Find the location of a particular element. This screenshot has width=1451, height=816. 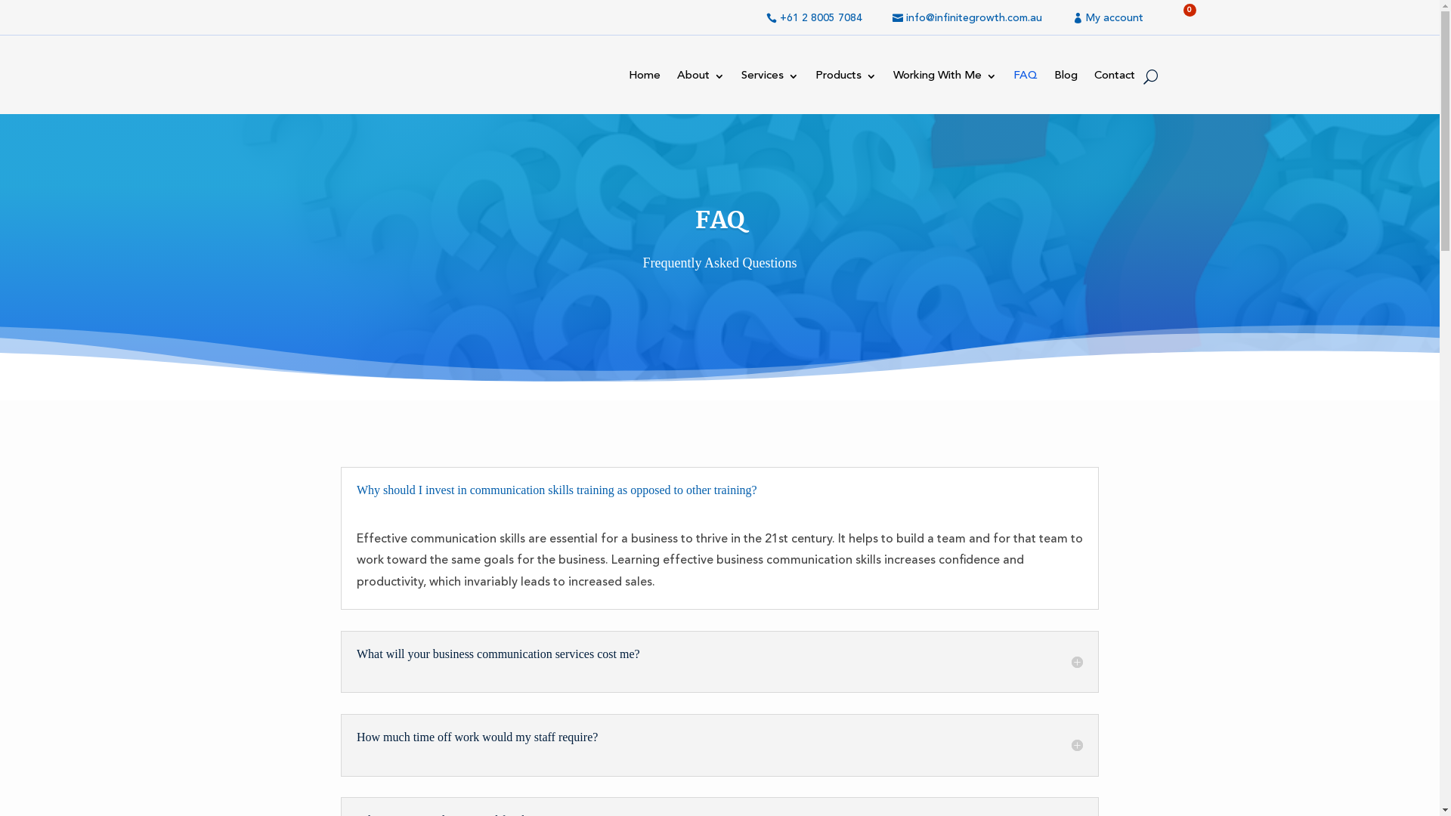

'Blog' is located at coordinates (1064, 79).